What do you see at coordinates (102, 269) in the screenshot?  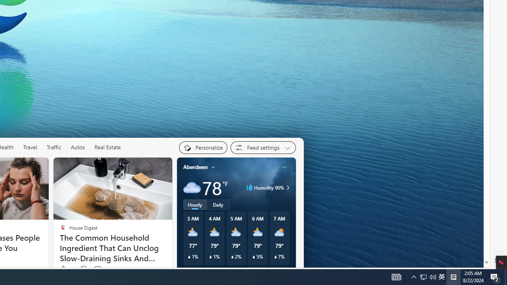 I see `'View comments 116 Comment'` at bounding box center [102, 269].